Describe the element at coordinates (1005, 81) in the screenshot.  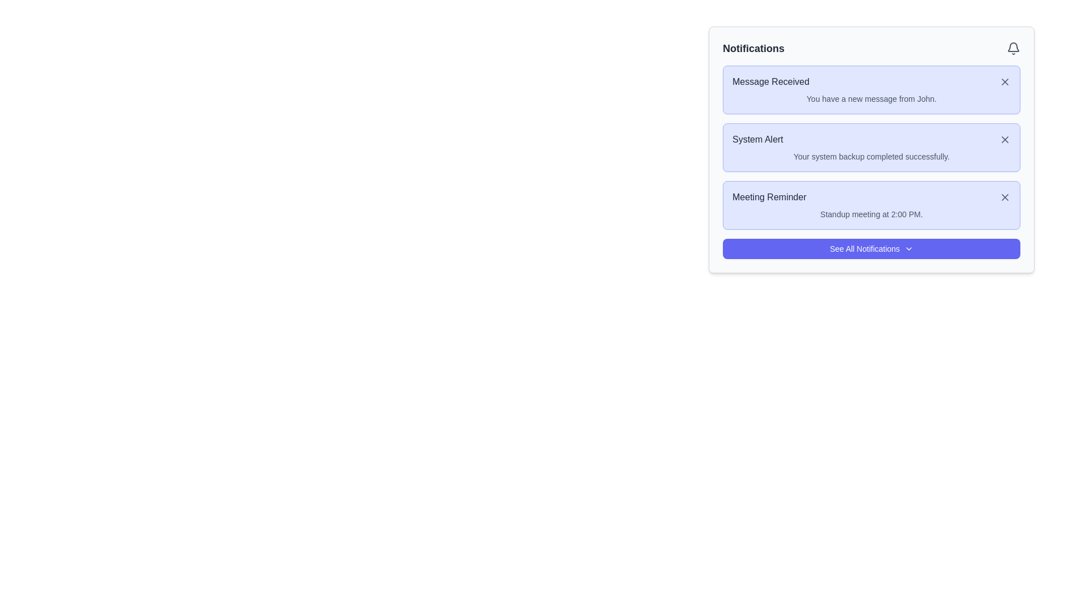
I see `the Close Button icon (X) located at the top-right corner of the 'Message Received' notification card` at that location.